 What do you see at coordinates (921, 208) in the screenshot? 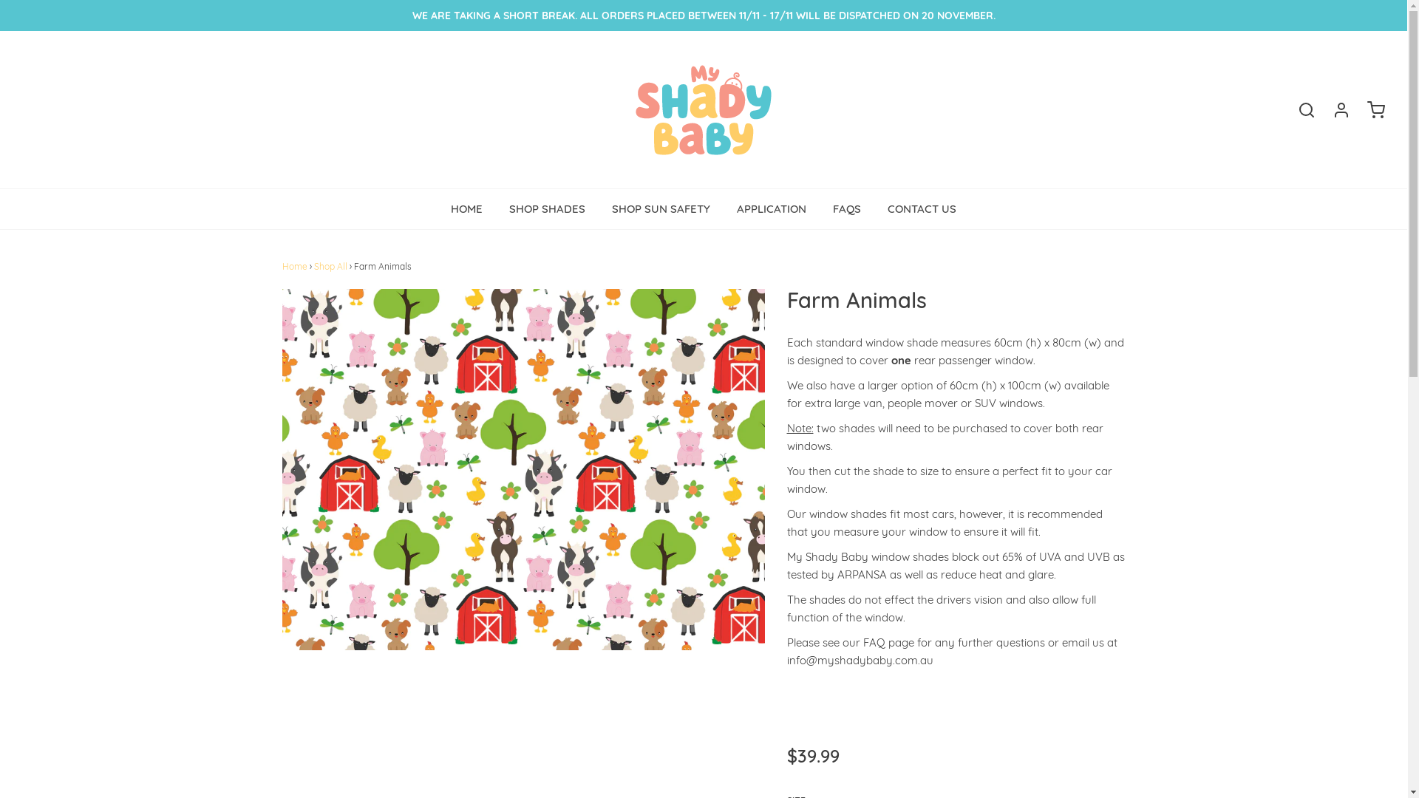
I see `'CONTACT US'` at bounding box center [921, 208].